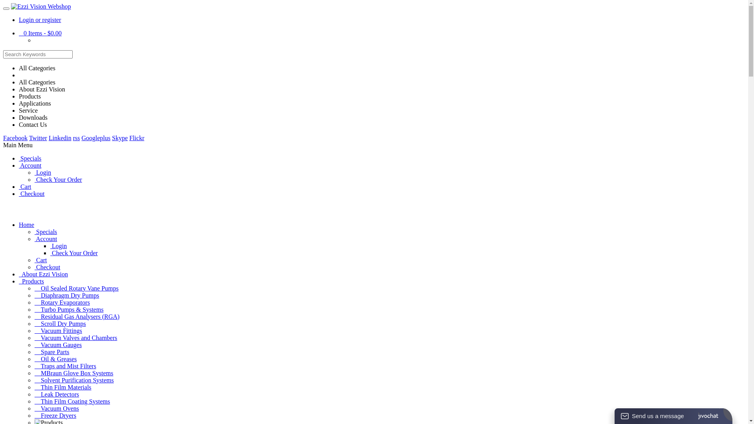 The width and height of the screenshot is (754, 424). What do you see at coordinates (119, 137) in the screenshot?
I see `'Skype'` at bounding box center [119, 137].